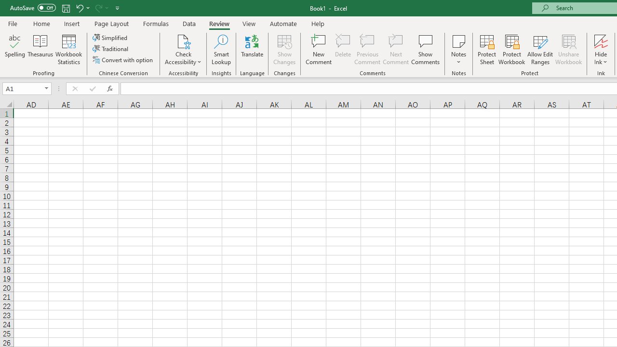  I want to click on 'Show Changes', so click(284, 50).